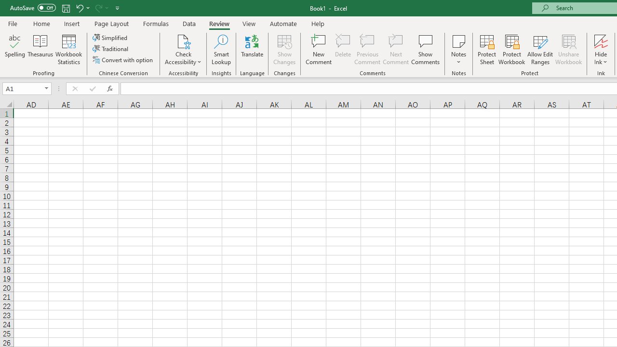  I want to click on 'Show Changes', so click(284, 50).